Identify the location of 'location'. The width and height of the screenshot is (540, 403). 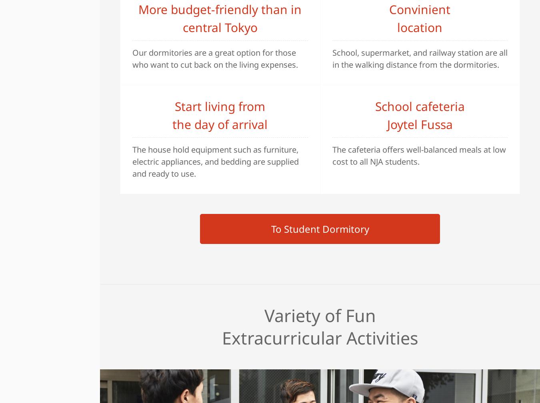
(420, 27).